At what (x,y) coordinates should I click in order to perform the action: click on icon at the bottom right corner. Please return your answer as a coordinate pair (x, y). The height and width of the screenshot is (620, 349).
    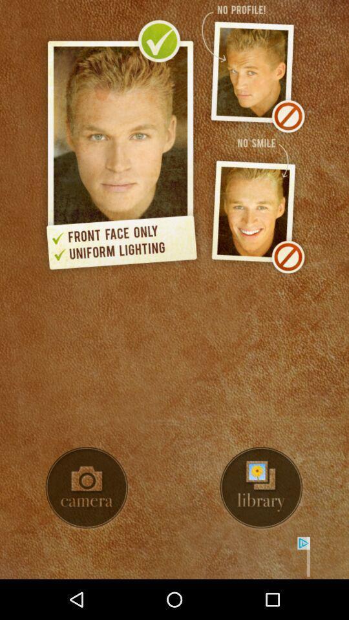
    Looking at the image, I should click on (262, 487).